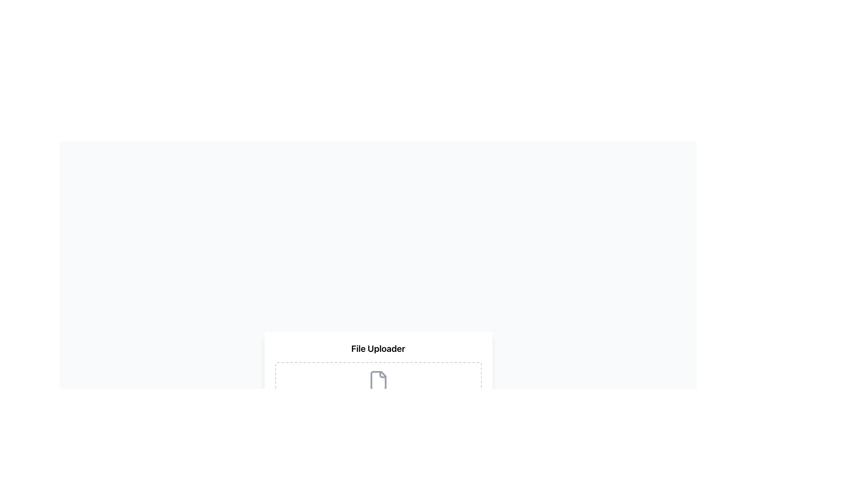  I want to click on the file icon that signifies the purpose of uploading files, which is centrally positioned above the text 'Drop Files or Click to Upload.', so click(378, 381).